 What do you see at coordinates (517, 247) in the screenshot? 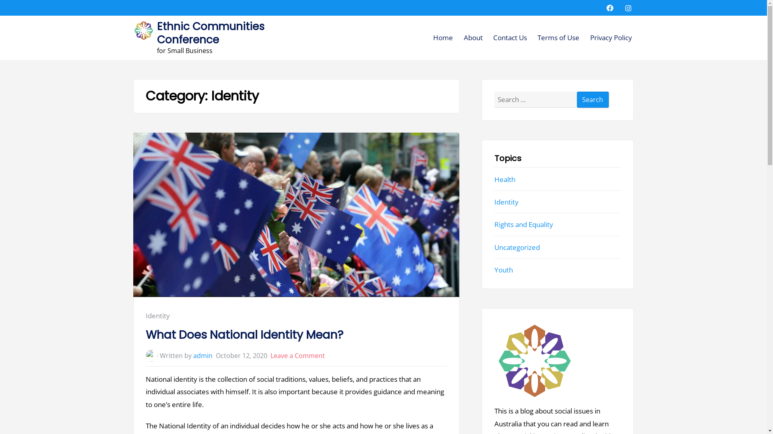
I see `'Uncategorized'` at bounding box center [517, 247].